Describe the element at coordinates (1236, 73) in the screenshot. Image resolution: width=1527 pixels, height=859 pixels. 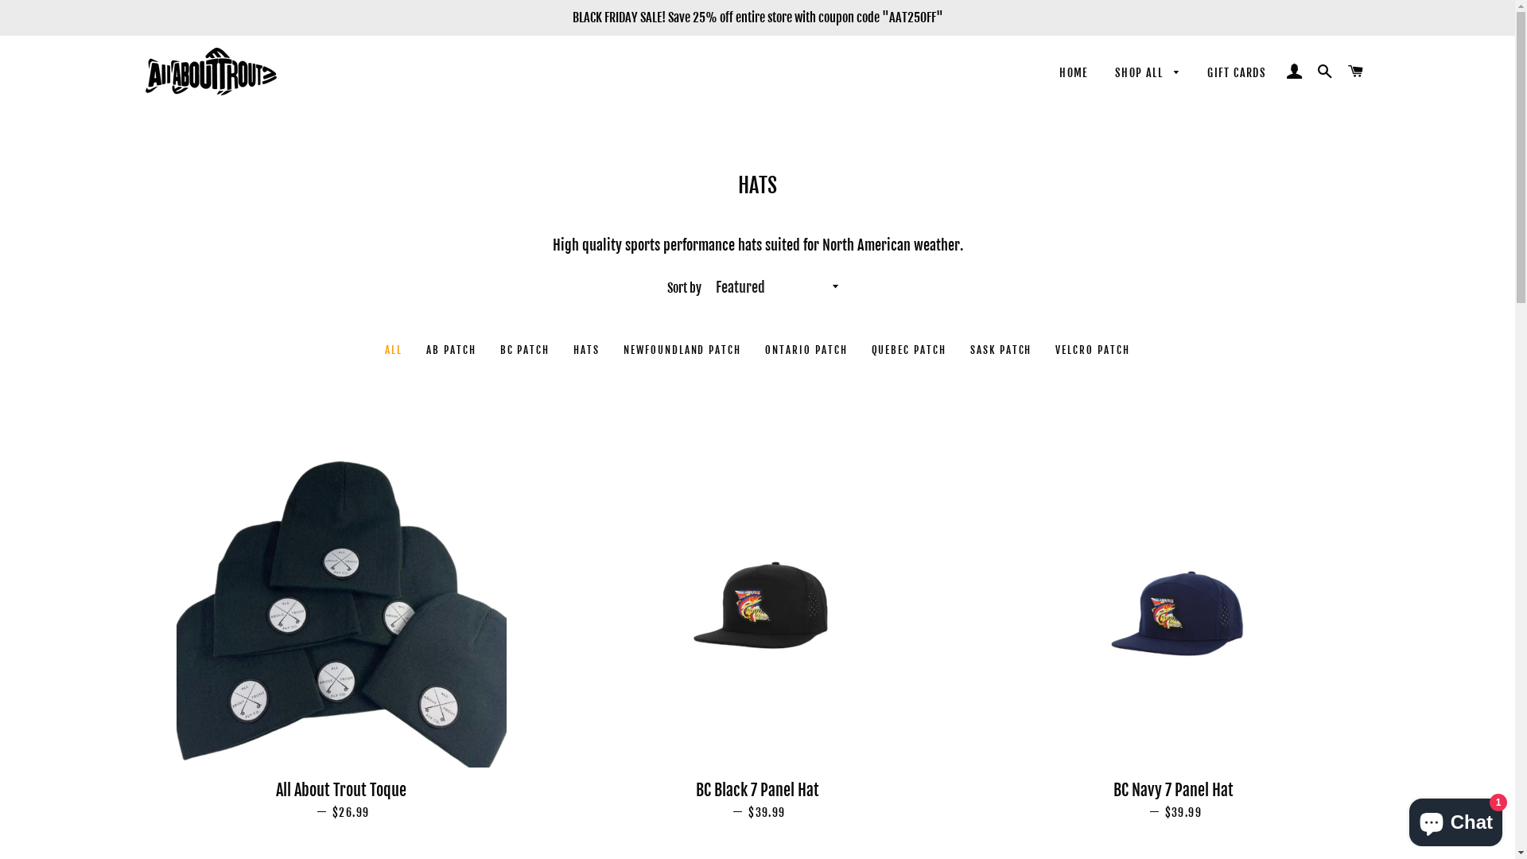
I see `'GIFT CARDS'` at that location.